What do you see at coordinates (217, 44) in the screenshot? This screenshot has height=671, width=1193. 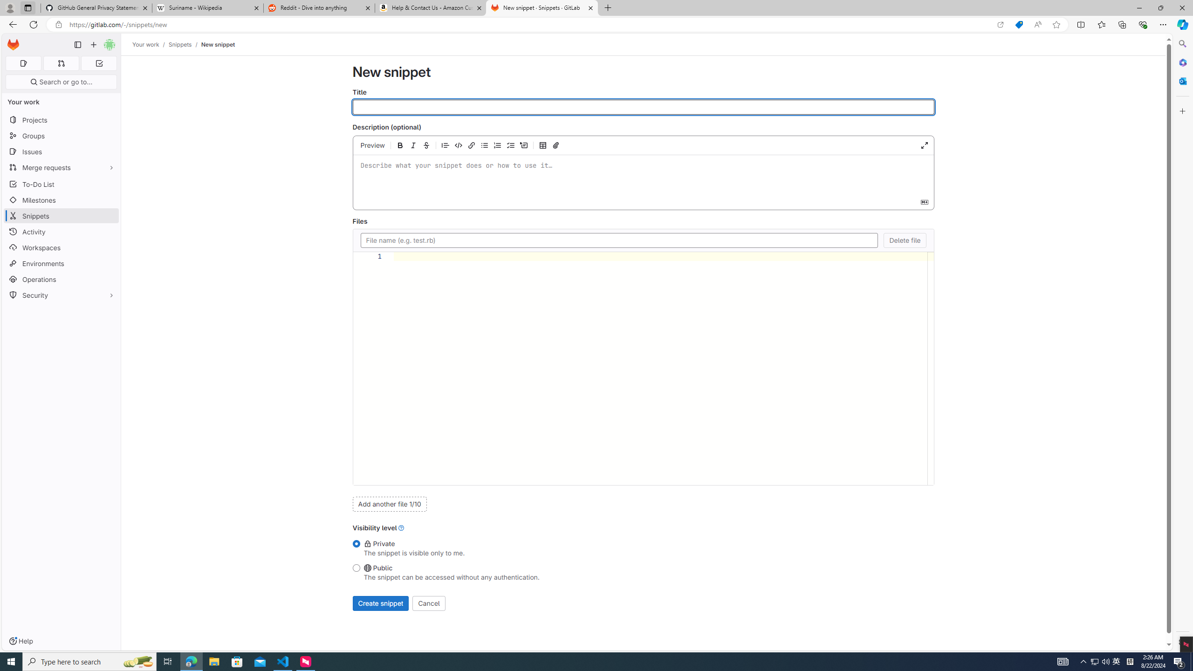 I see `'New snippet'` at bounding box center [217, 44].